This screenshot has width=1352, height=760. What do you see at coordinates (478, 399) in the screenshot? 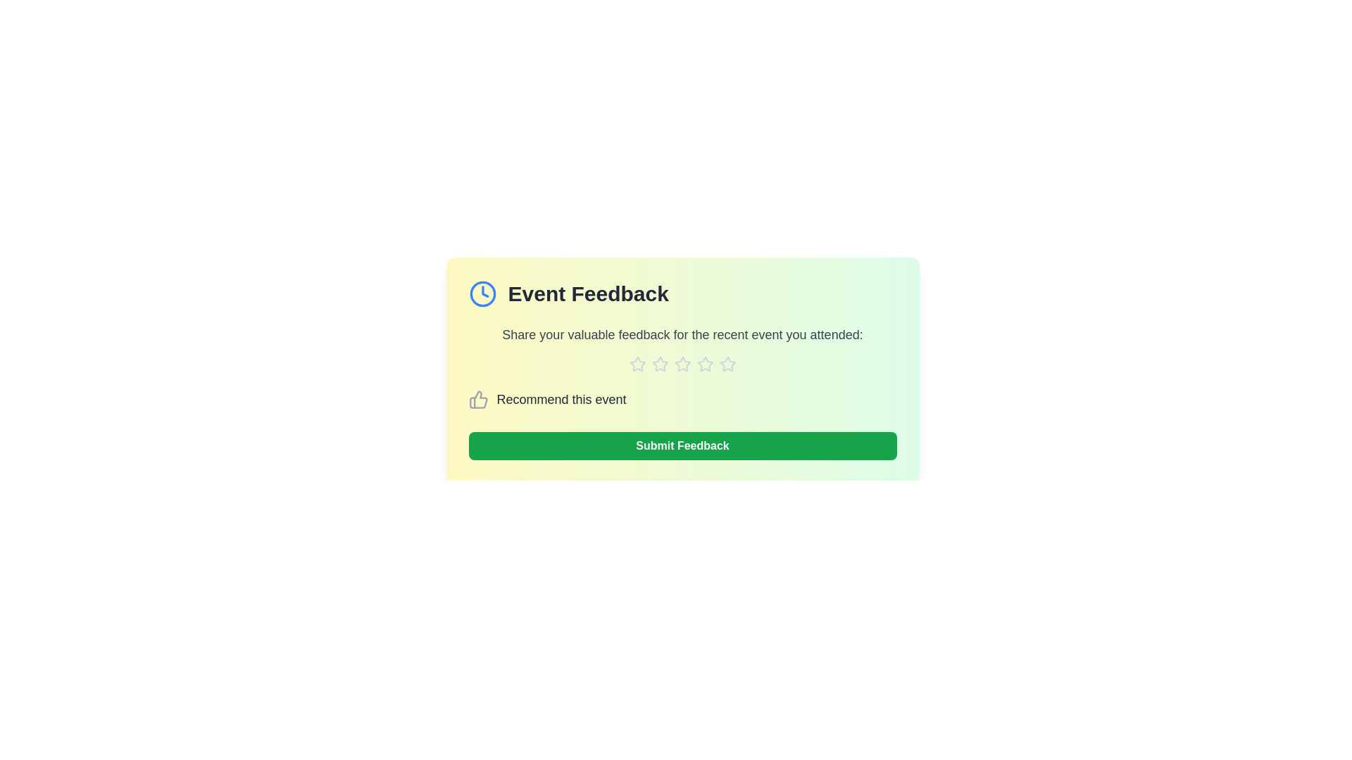
I see `the thumbs-up icon to toggle the recommendation` at bounding box center [478, 399].